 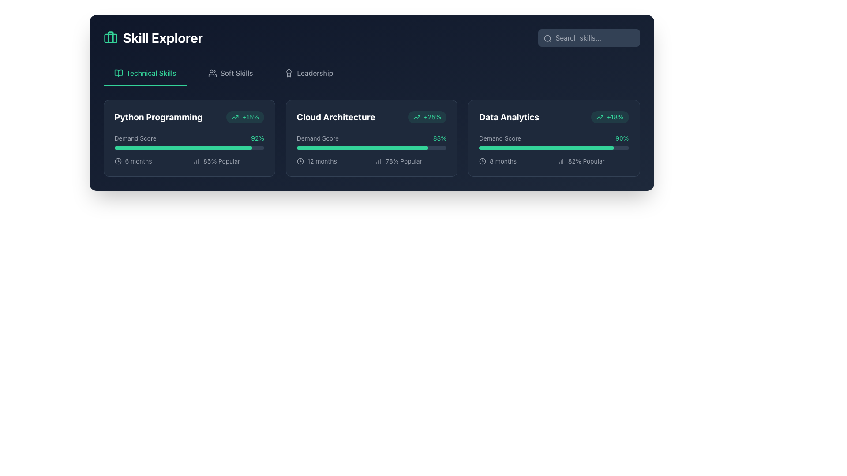 What do you see at coordinates (117, 161) in the screenshot?
I see `the clock icon, which is a minimalist circle with clock hands, located to the left of the text '6 months' within the 'Python Programming' card on the dashboard` at bounding box center [117, 161].